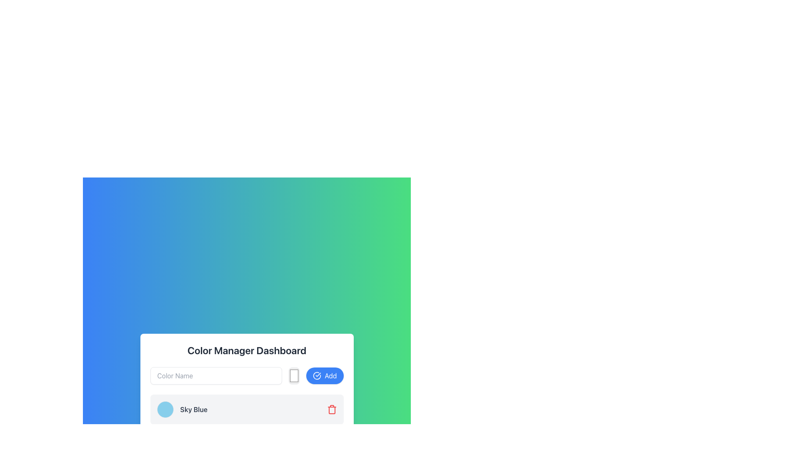 The height and width of the screenshot is (450, 800). What do you see at coordinates (182, 409) in the screenshot?
I see `label text 'Sky Blue' from the descriptive tag or label pair that consists of a circular icon and the label text on the right` at bounding box center [182, 409].